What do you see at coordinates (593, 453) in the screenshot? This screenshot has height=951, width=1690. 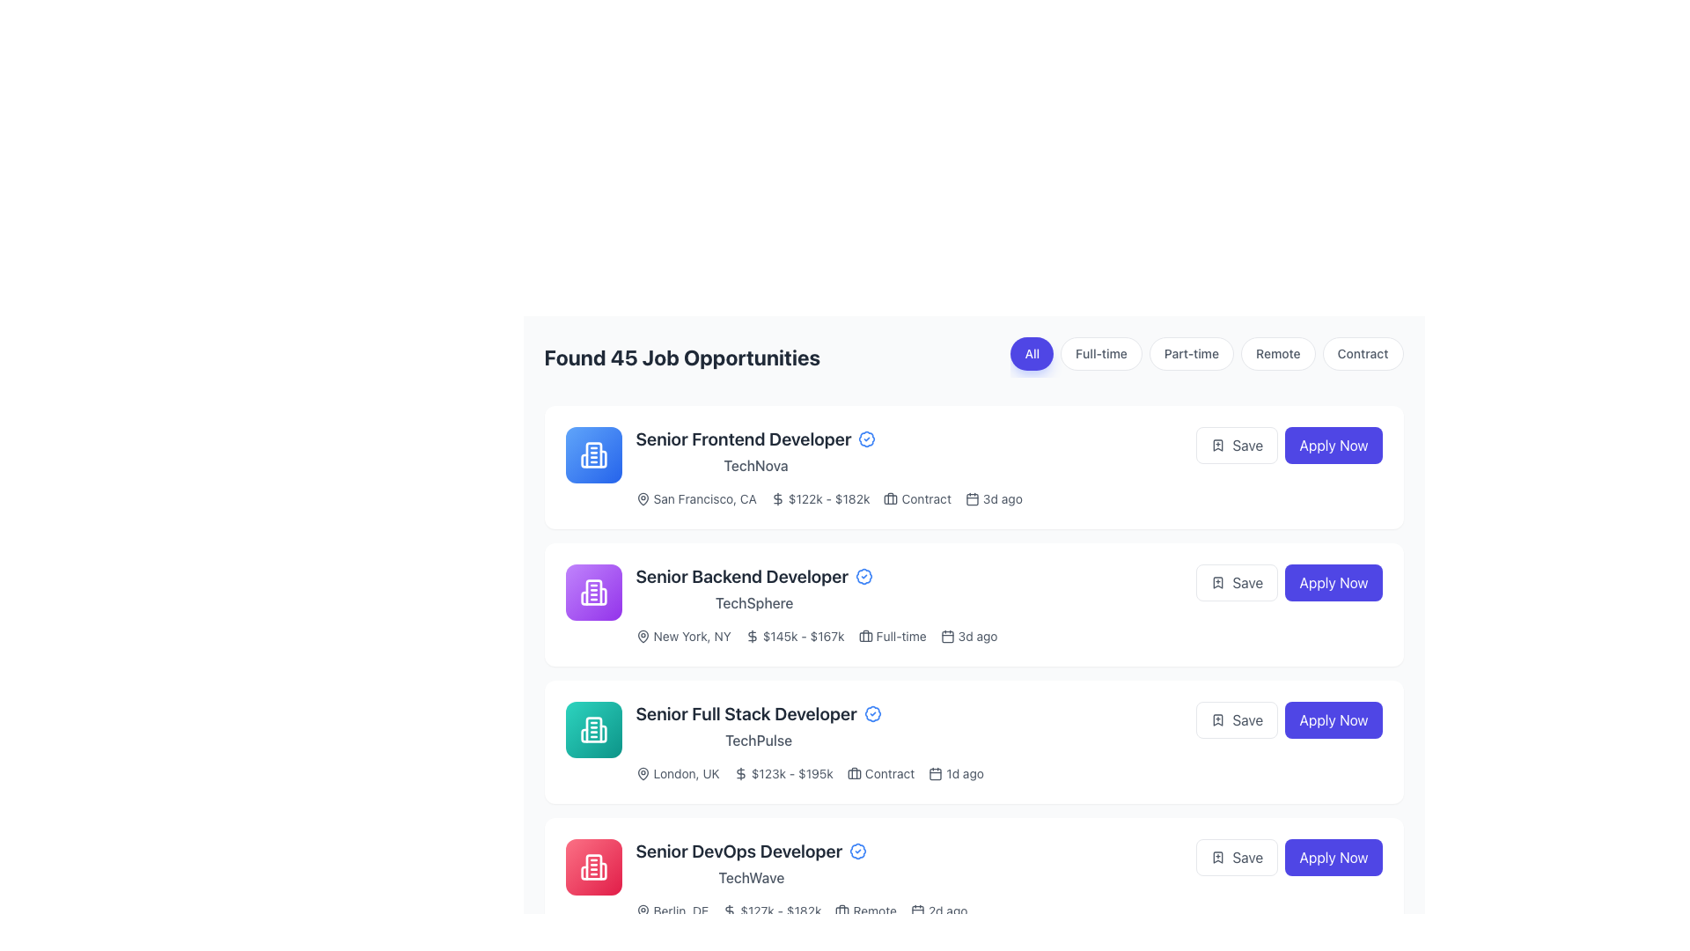 I see `the Decorative vector graphic resembling a building icon, which is located within a blue circular background in the first job entry icon area` at bounding box center [593, 453].